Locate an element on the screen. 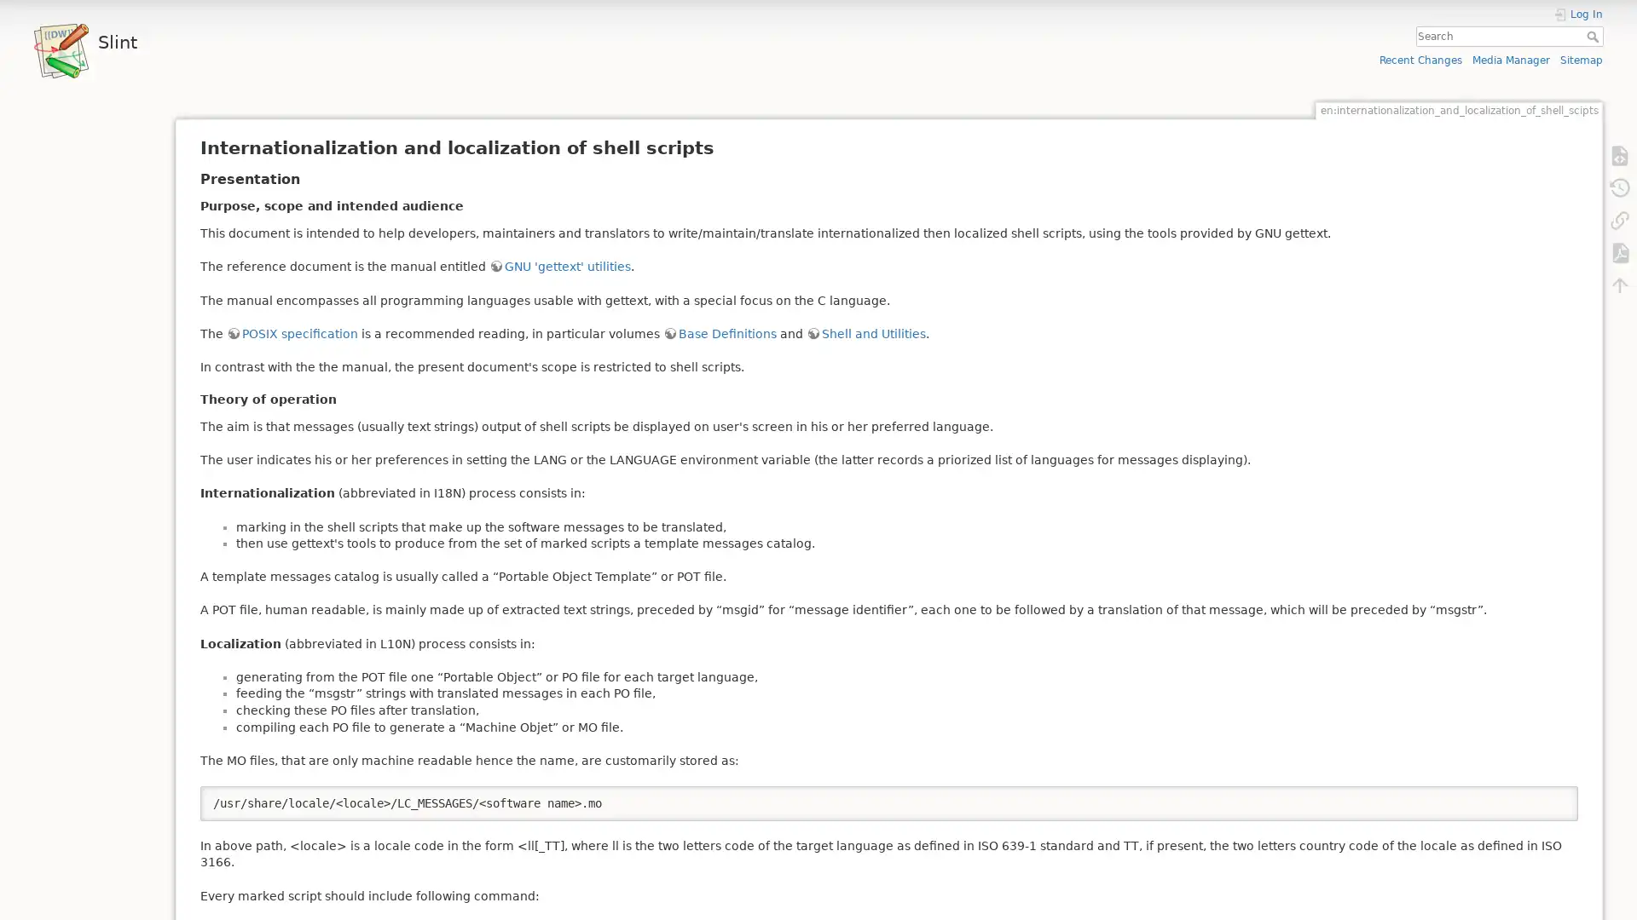 The image size is (1637, 920). Search is located at coordinates (1594, 36).